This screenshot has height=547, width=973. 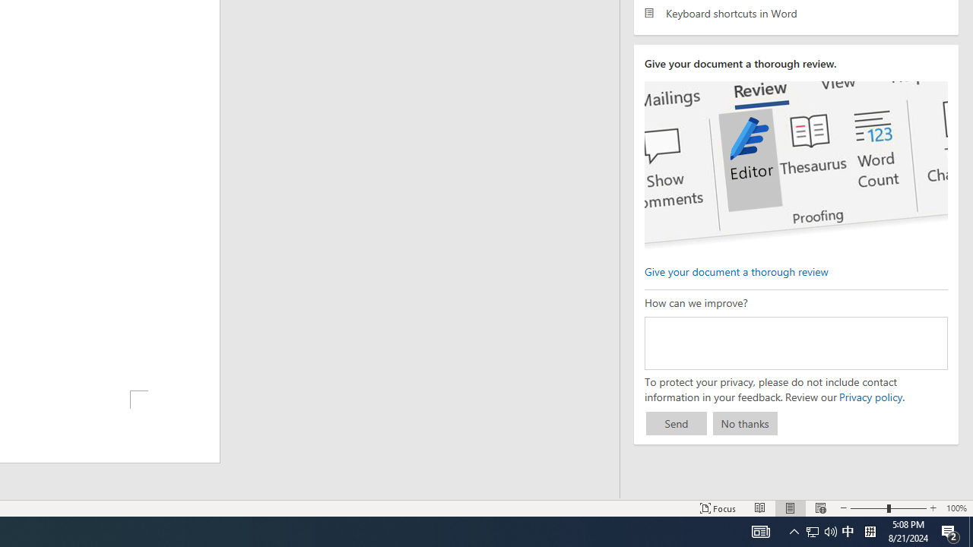 What do you see at coordinates (791, 508) in the screenshot?
I see `'Print Layout'` at bounding box center [791, 508].